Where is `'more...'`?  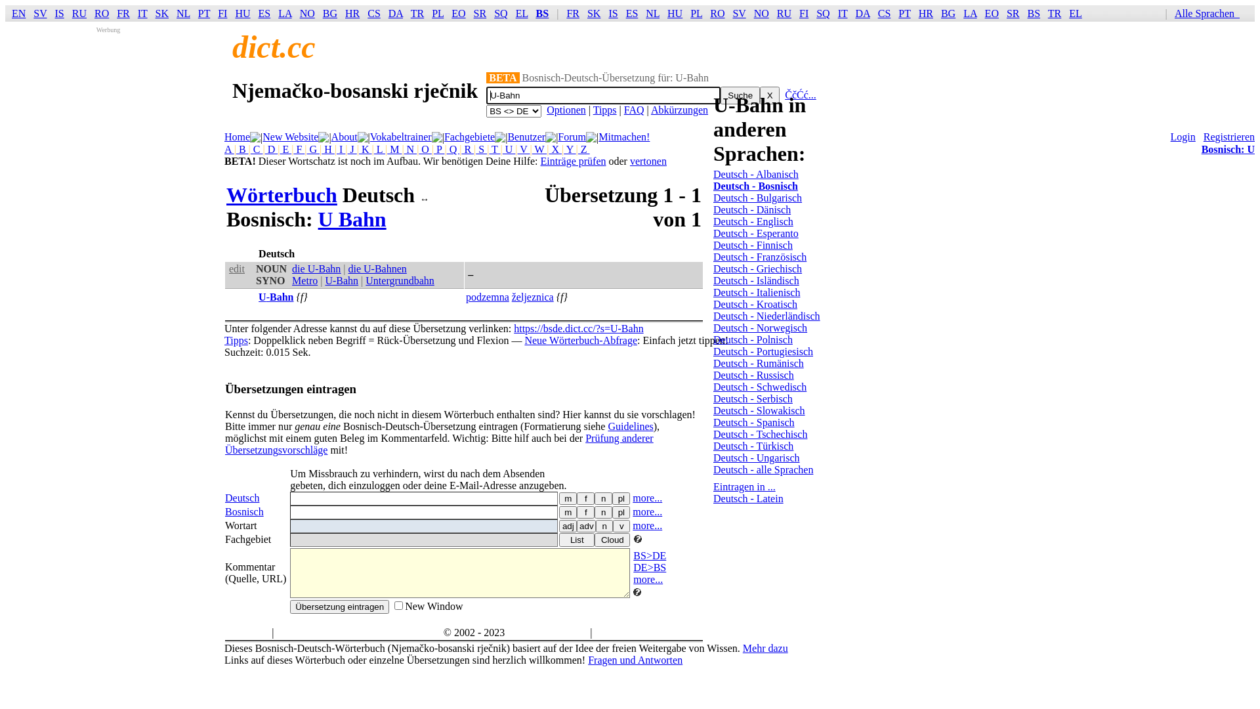
'more...' is located at coordinates (647, 525).